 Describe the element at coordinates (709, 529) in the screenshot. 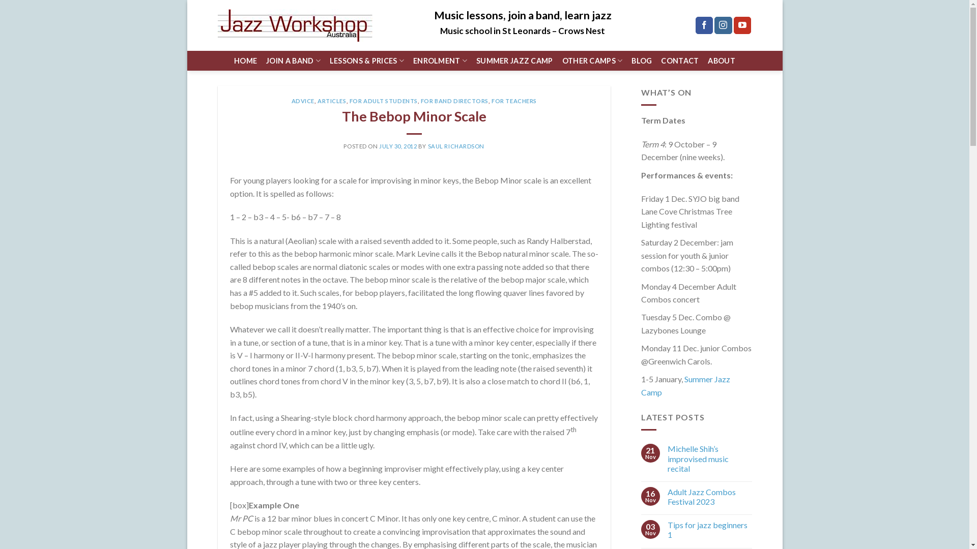

I see `'Tips for jazz beginners 1'` at that location.